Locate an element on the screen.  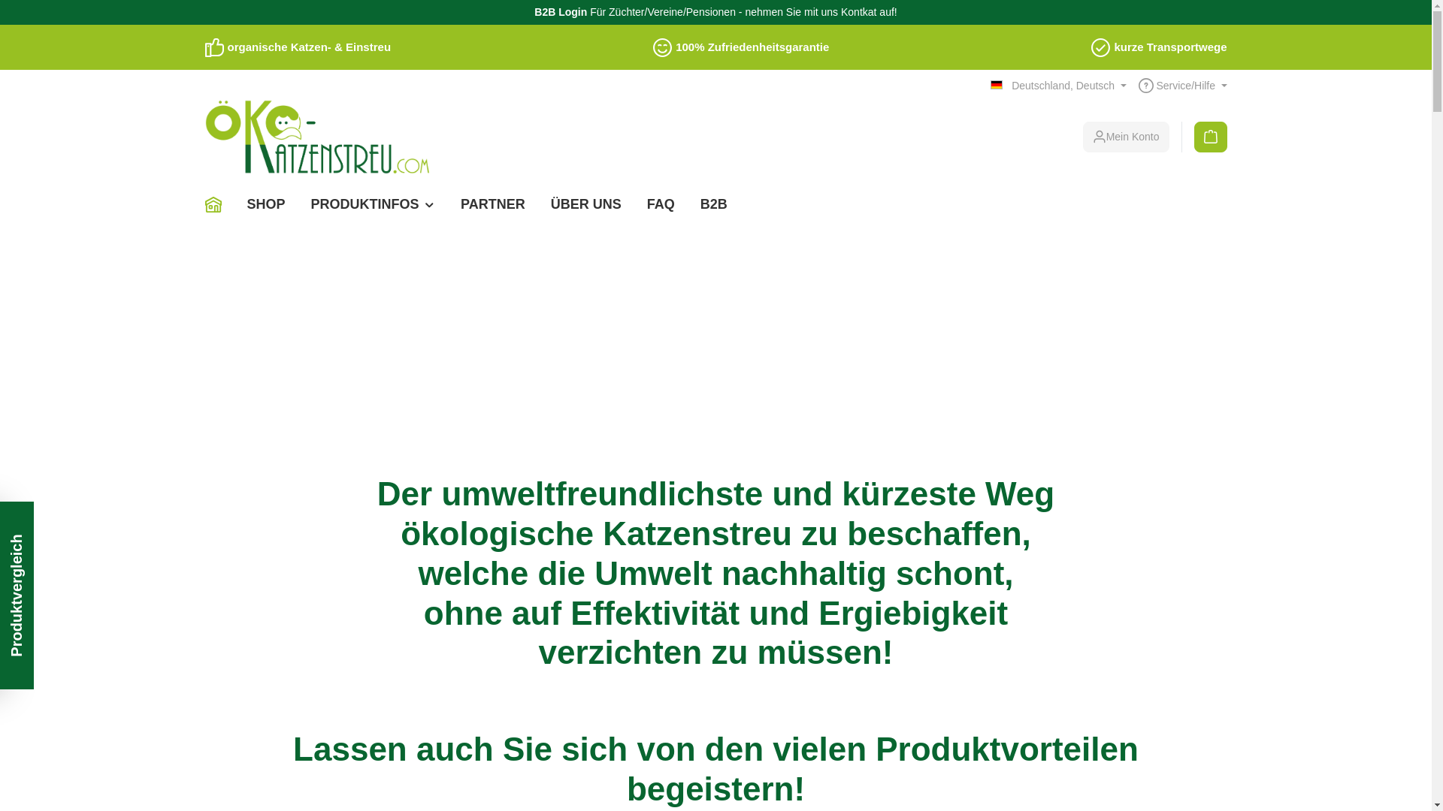
'Mein Konto' is located at coordinates (1126, 137).